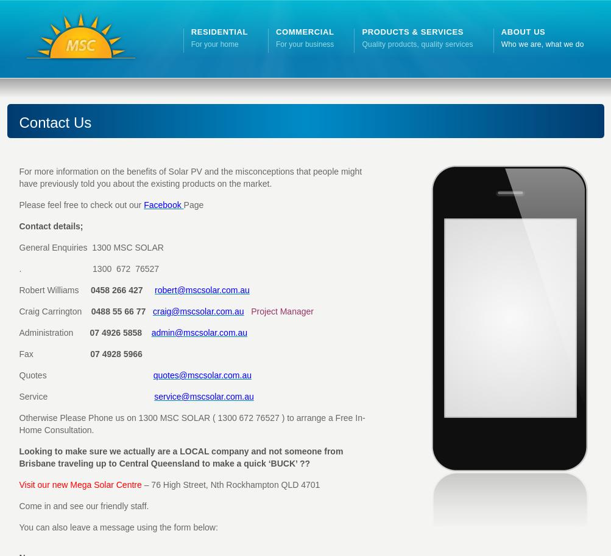 The image size is (611, 556). What do you see at coordinates (230, 484) in the screenshot?
I see `'– 76 High Street, Nth Rockhampton QLD 4701'` at bounding box center [230, 484].